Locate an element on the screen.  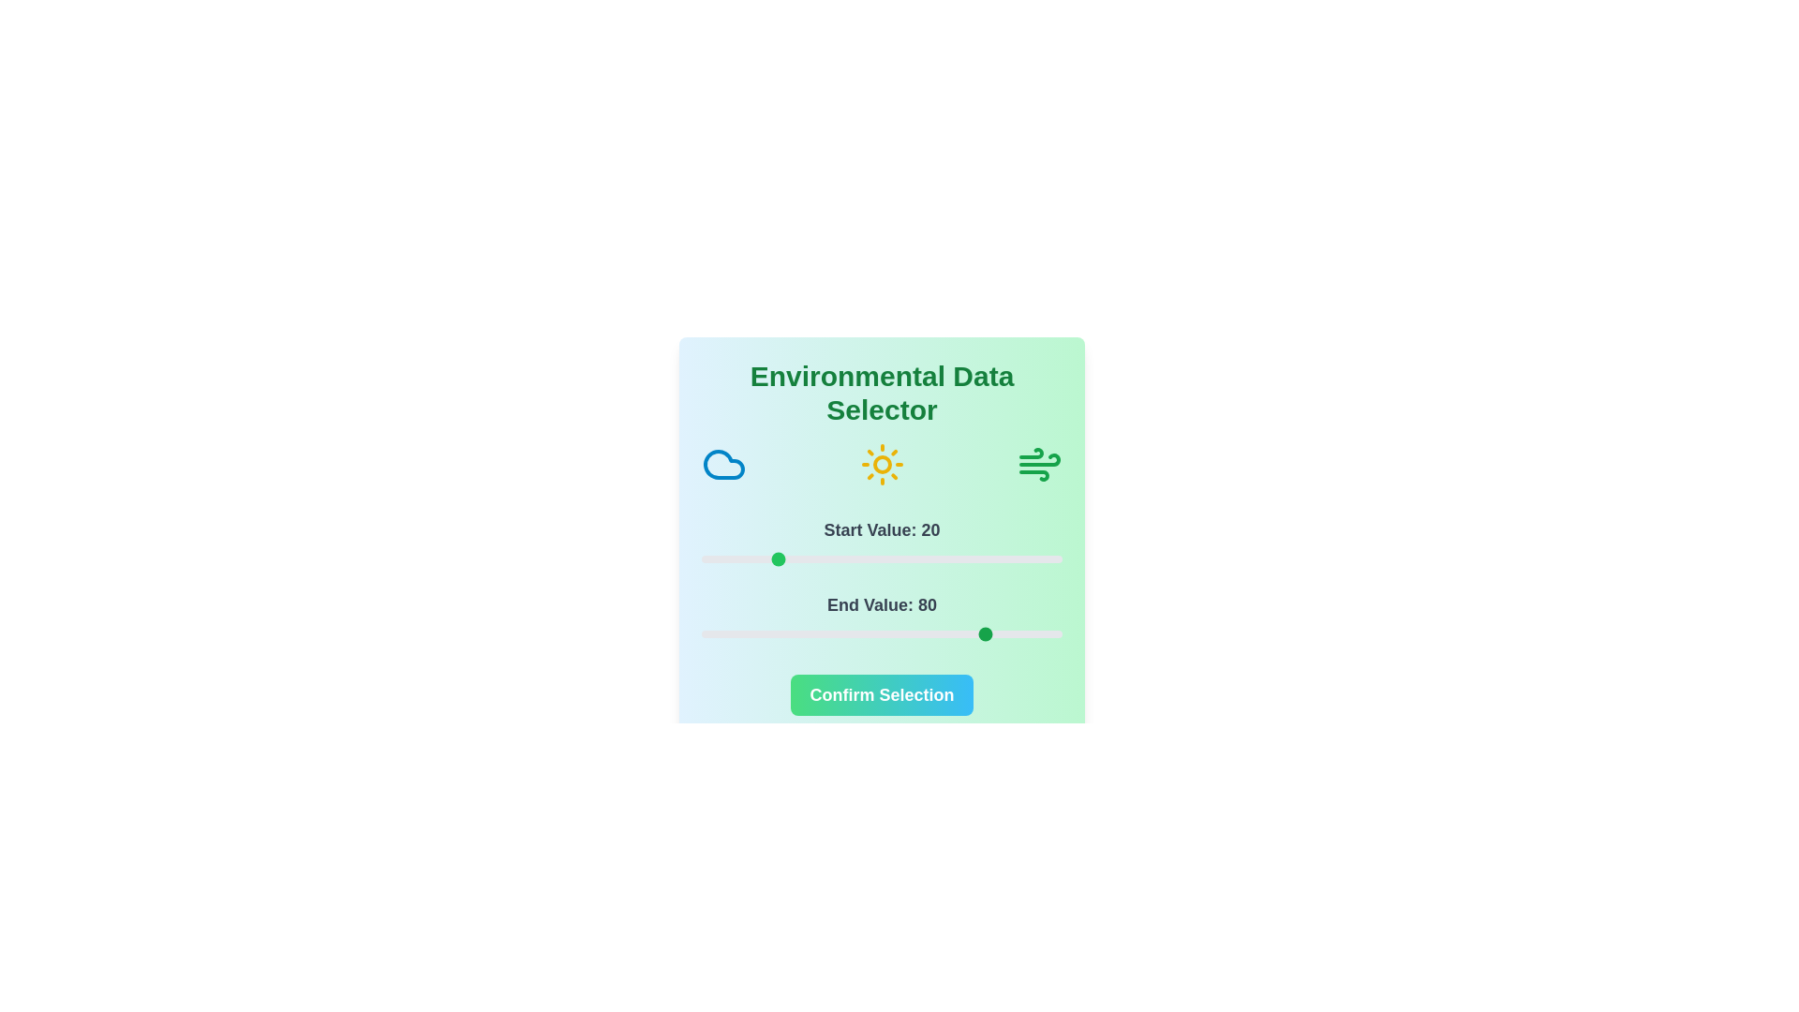
the slider is located at coordinates (870, 633).